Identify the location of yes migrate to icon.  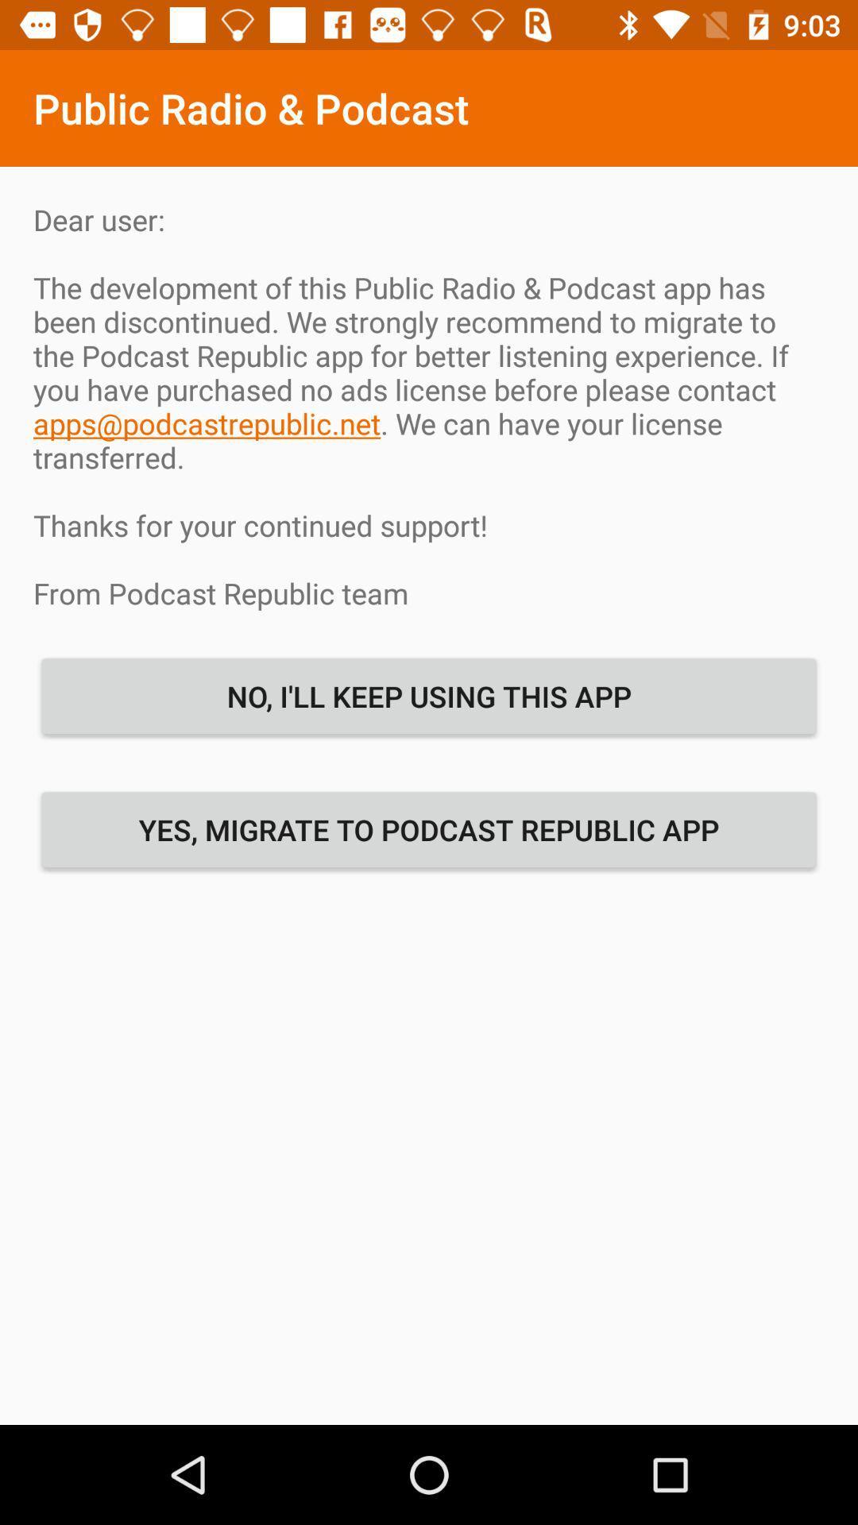
(429, 828).